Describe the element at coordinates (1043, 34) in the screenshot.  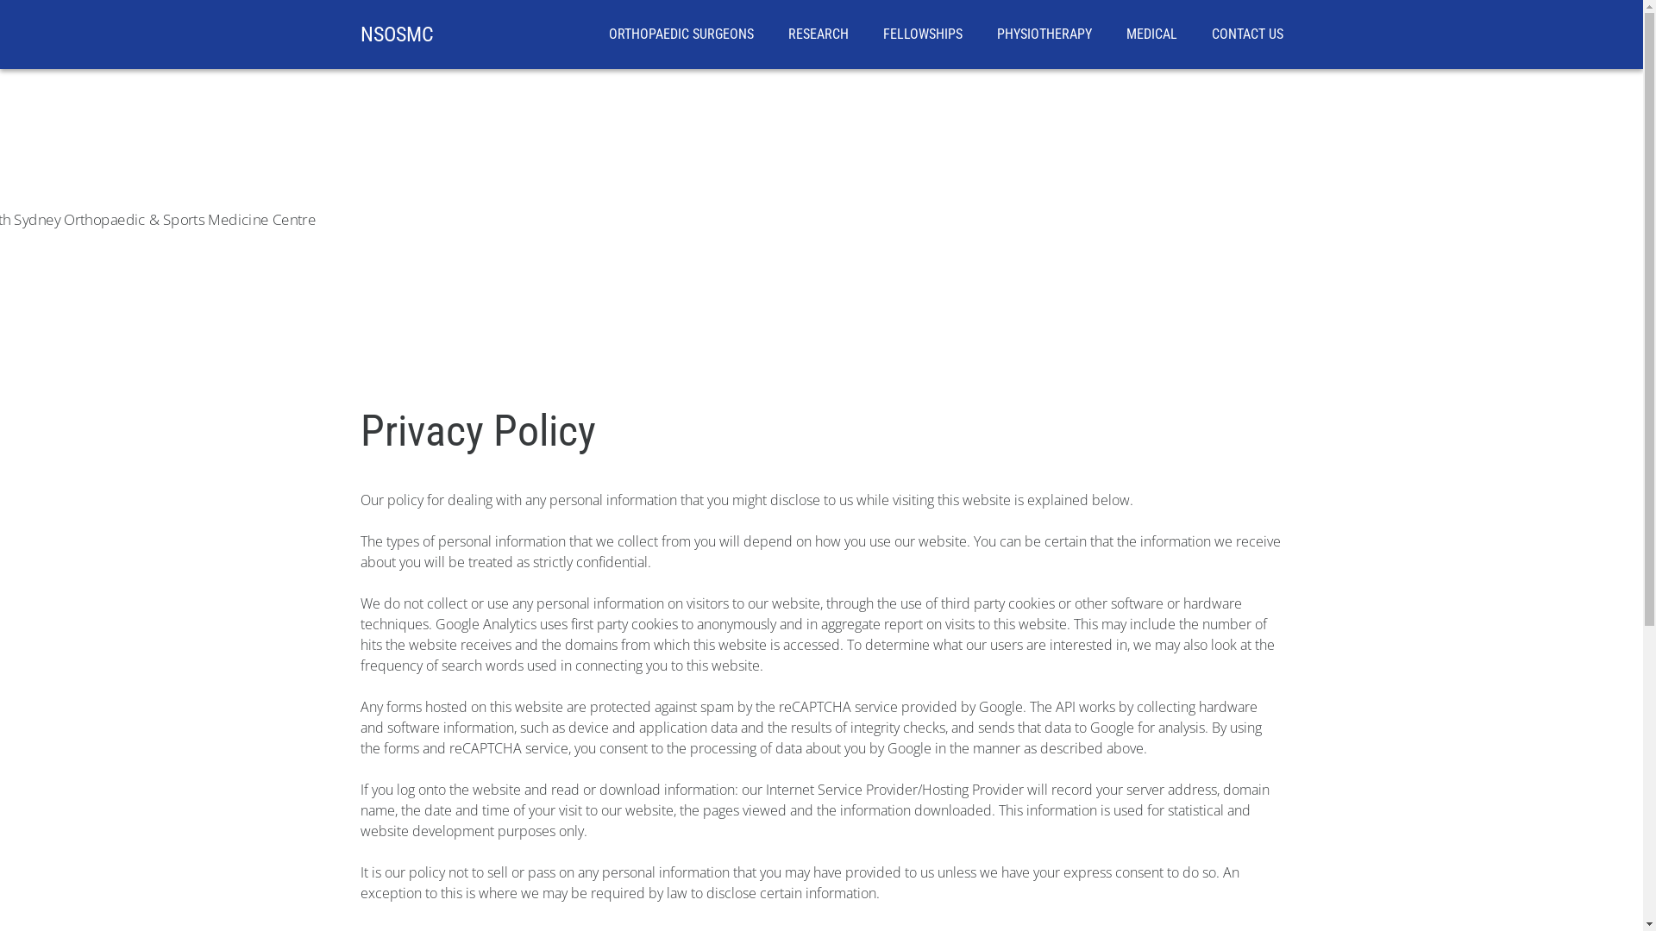
I see `'PHYSIOTHERAPY'` at that location.